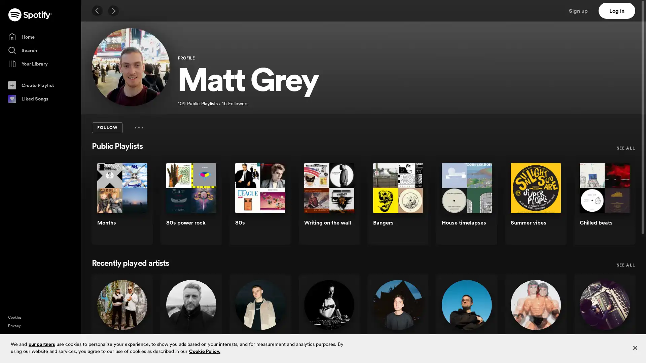  Describe the element at coordinates (635, 348) in the screenshot. I see `Close` at that location.